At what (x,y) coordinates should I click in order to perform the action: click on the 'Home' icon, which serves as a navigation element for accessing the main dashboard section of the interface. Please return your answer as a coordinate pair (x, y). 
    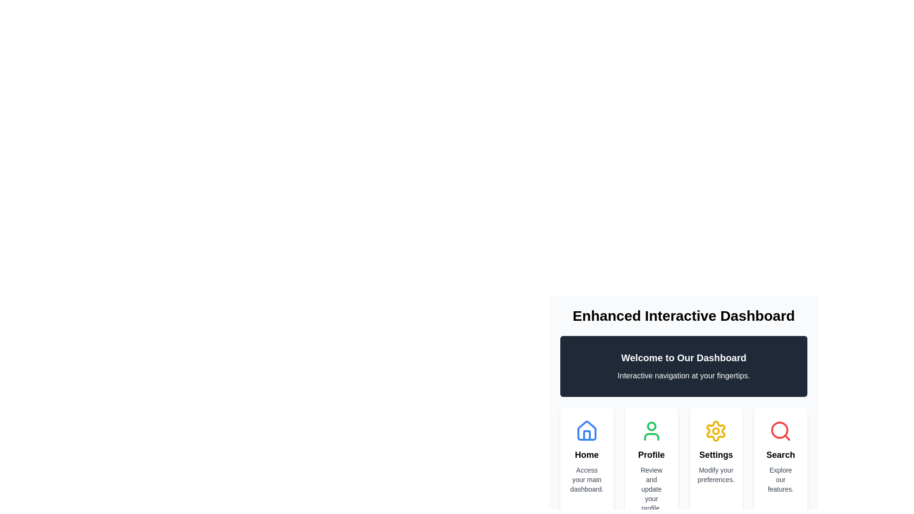
    Looking at the image, I should click on (586, 431).